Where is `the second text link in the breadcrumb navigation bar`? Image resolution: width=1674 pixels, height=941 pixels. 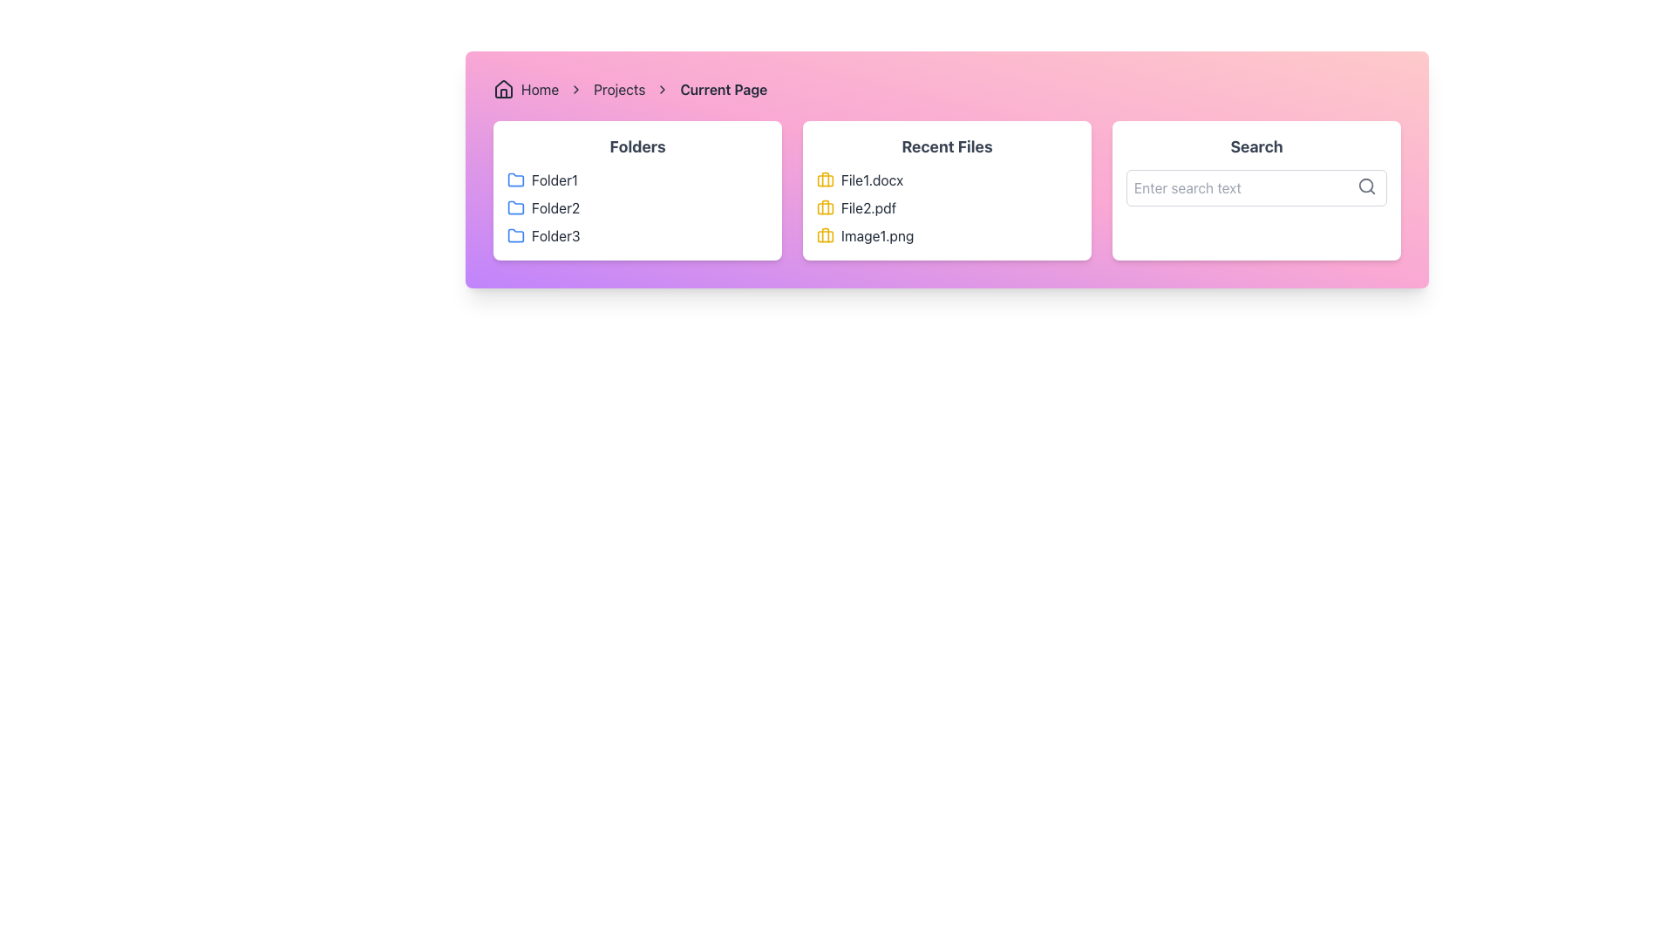 the second text link in the breadcrumb navigation bar is located at coordinates (619, 90).